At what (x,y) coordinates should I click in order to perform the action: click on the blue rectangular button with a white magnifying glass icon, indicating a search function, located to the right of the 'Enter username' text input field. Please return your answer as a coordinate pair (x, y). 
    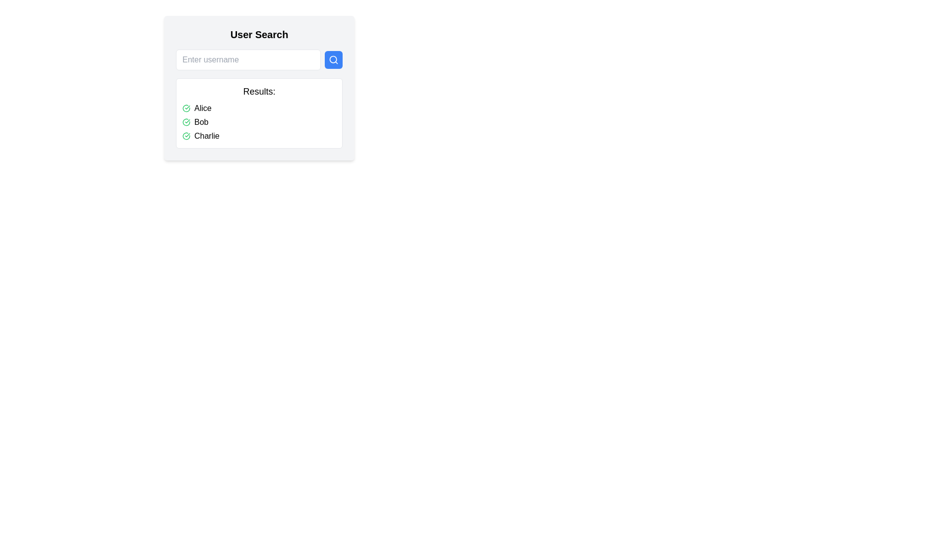
    Looking at the image, I should click on (333, 59).